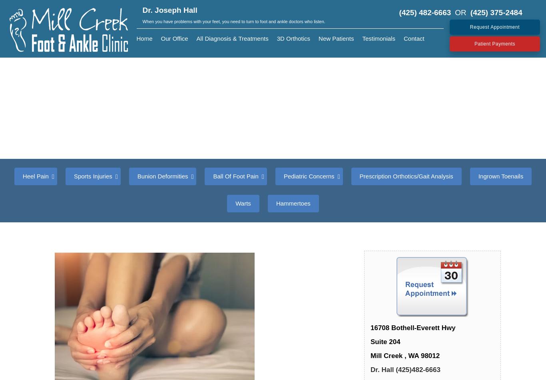  What do you see at coordinates (405, 369) in the screenshot?
I see `'Dr. Hall (425)482-6663'` at bounding box center [405, 369].